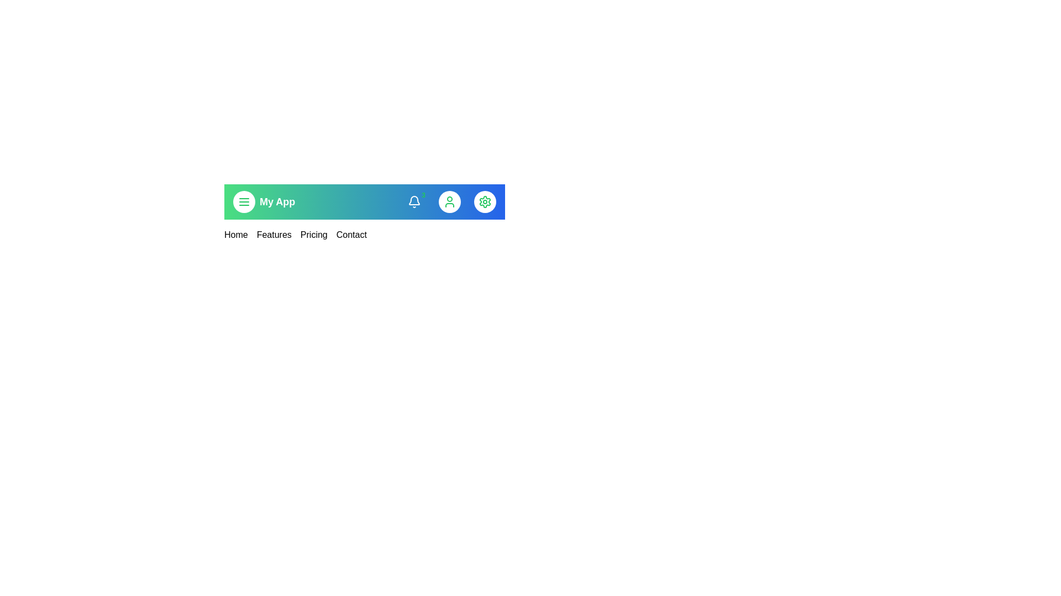 The image size is (1061, 596). Describe the element at coordinates (243, 202) in the screenshot. I see `menu button to toggle the menu visibility` at that location.